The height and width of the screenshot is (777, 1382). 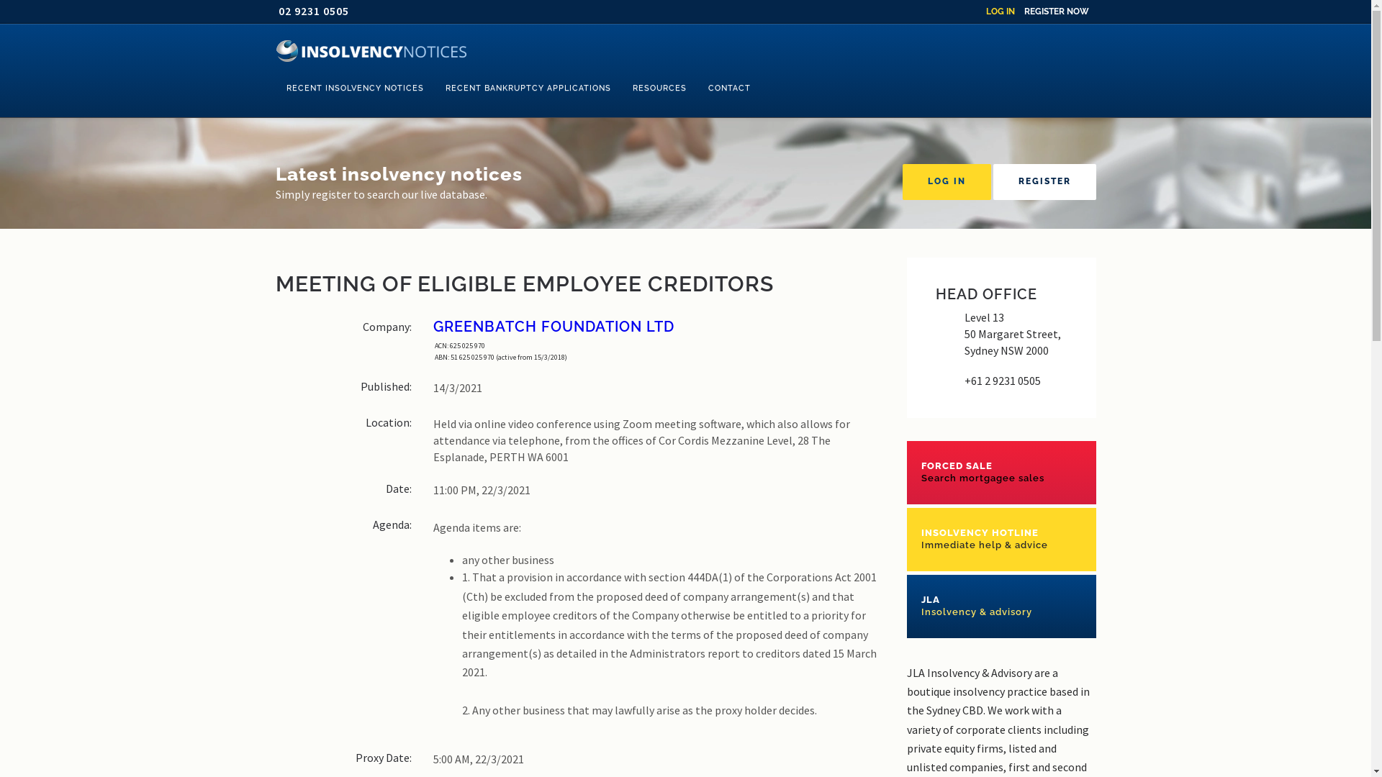 What do you see at coordinates (1001, 539) in the screenshot?
I see `'INSOLVENCY HOTLINE` at bounding box center [1001, 539].